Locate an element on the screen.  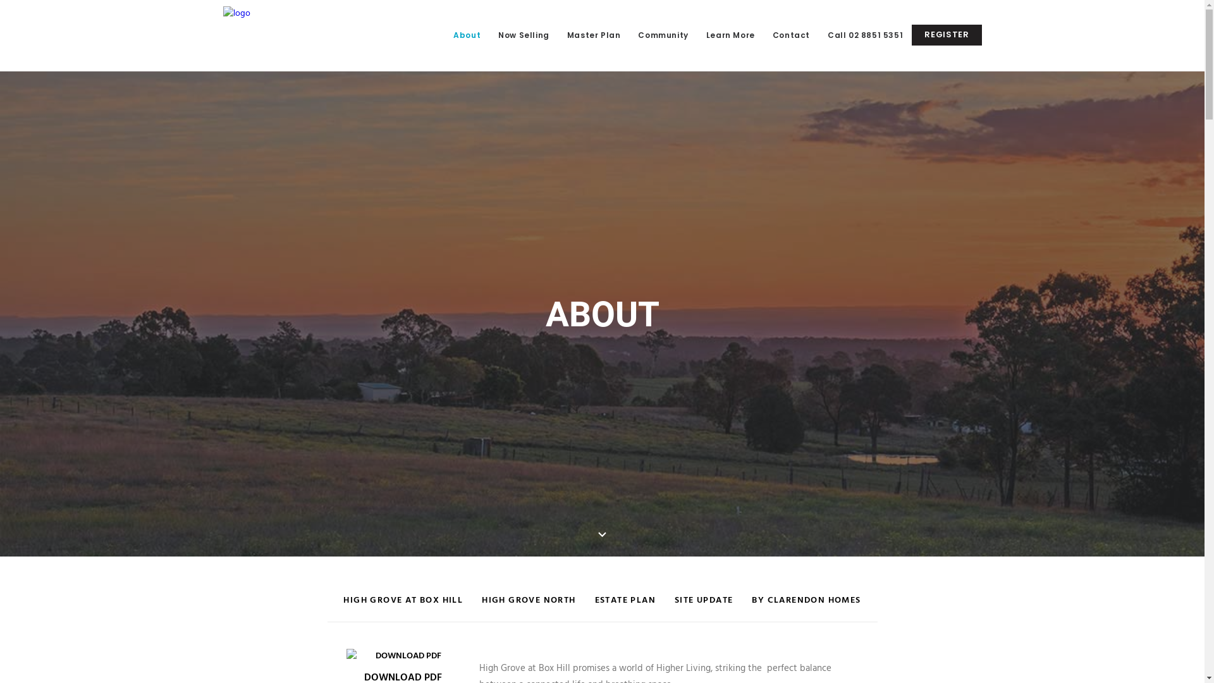
'Now Selling' is located at coordinates (524, 35).